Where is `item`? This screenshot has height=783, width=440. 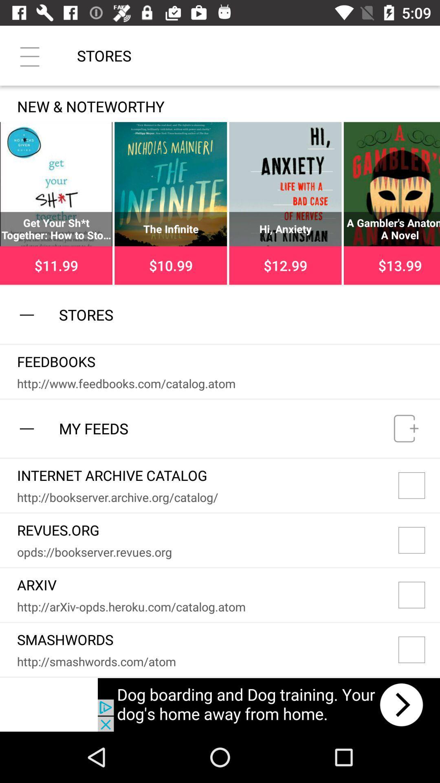
item is located at coordinates (419, 540).